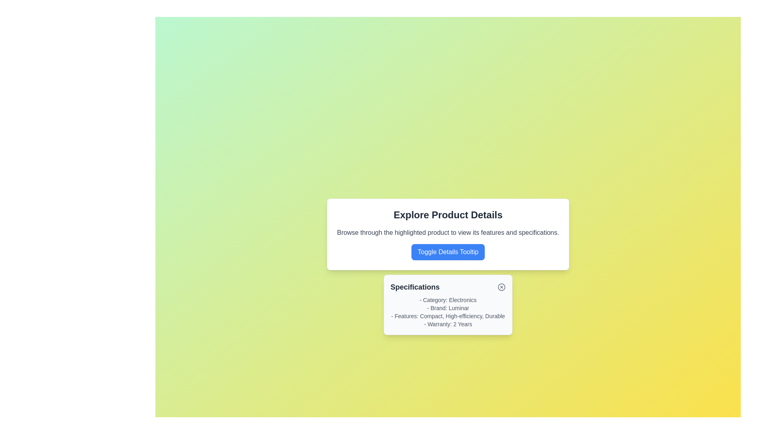 The image size is (773, 435). Describe the element at coordinates (415, 287) in the screenshot. I see `the text label displaying 'Specifications', which is styled in large, bold dark gray font and located inside a tooltip below 'Explore Product Details'` at that location.